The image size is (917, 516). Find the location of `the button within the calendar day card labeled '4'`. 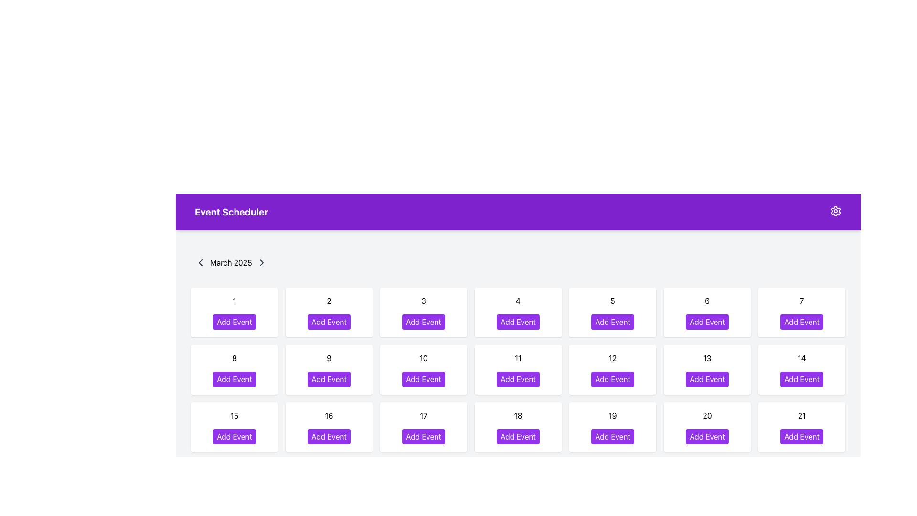

the button within the calendar day card labeled '4' is located at coordinates (517, 312).